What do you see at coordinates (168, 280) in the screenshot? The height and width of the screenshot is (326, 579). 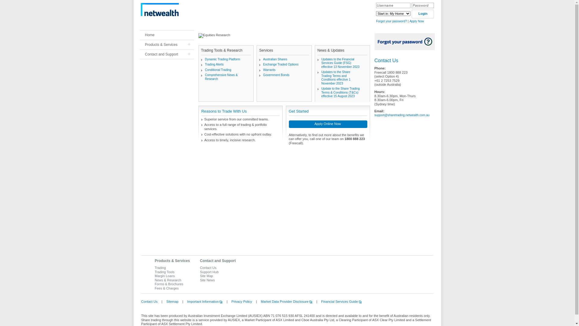 I see `'News & Research'` at bounding box center [168, 280].